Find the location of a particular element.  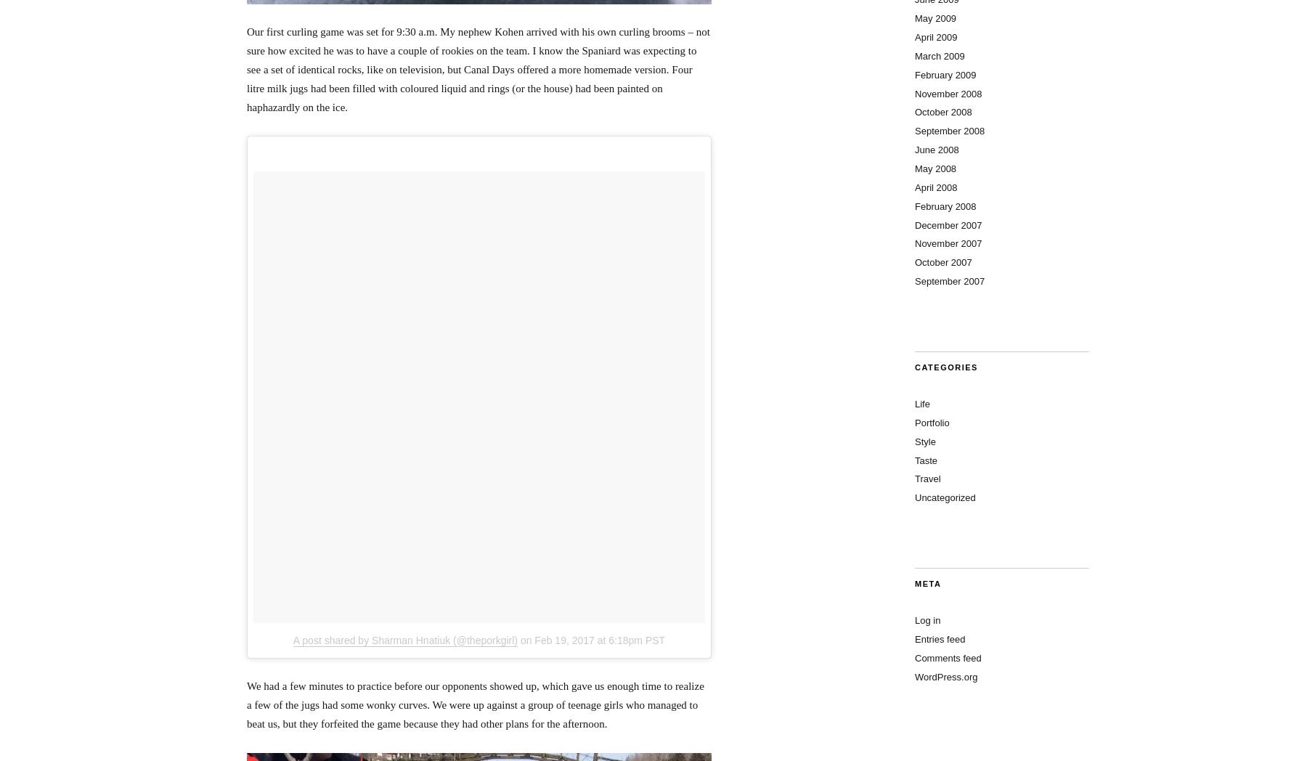

'Travel' is located at coordinates (927, 479).